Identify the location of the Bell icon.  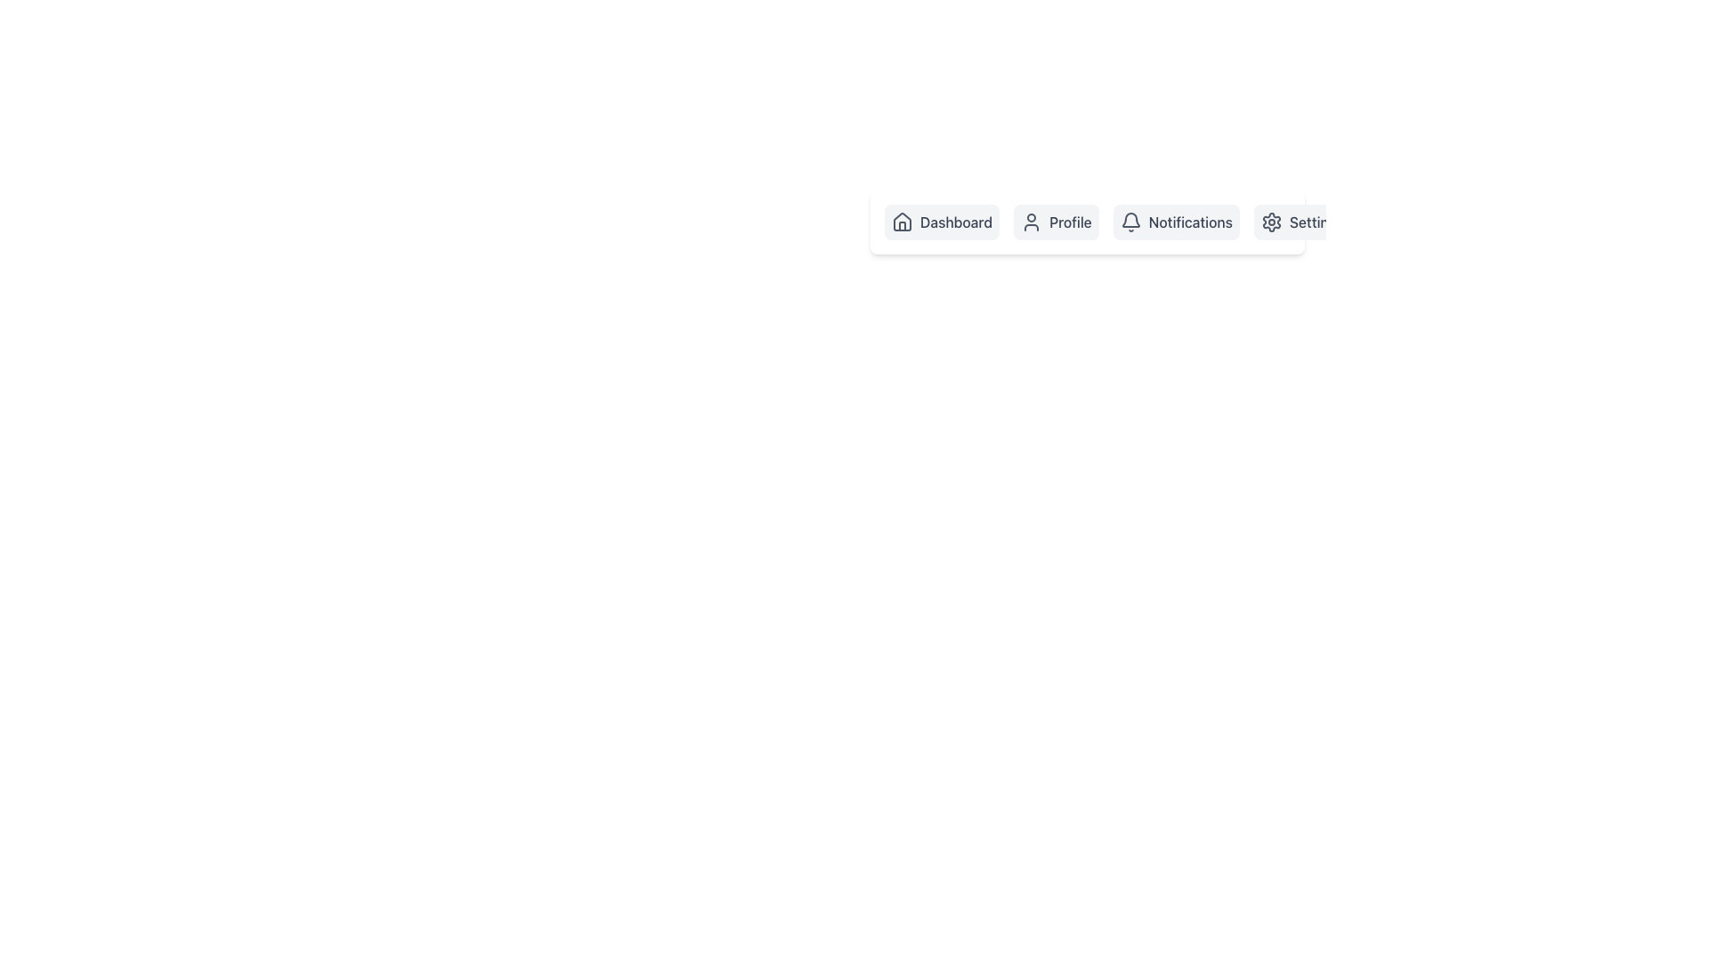
(1130, 222).